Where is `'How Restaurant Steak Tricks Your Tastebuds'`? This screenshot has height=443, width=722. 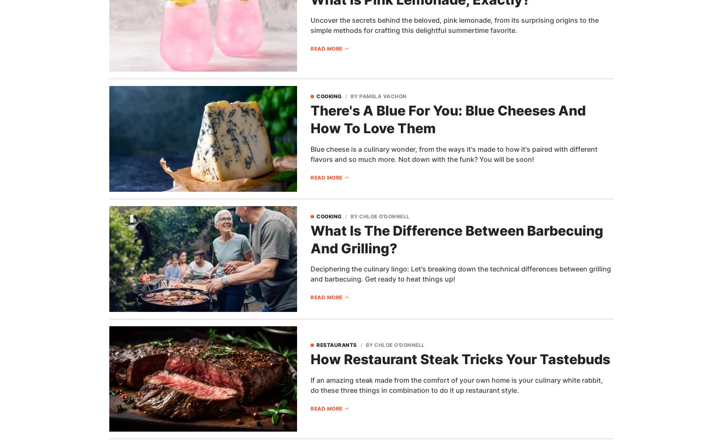 'How Restaurant Steak Tricks Your Tastebuds' is located at coordinates (460, 359).